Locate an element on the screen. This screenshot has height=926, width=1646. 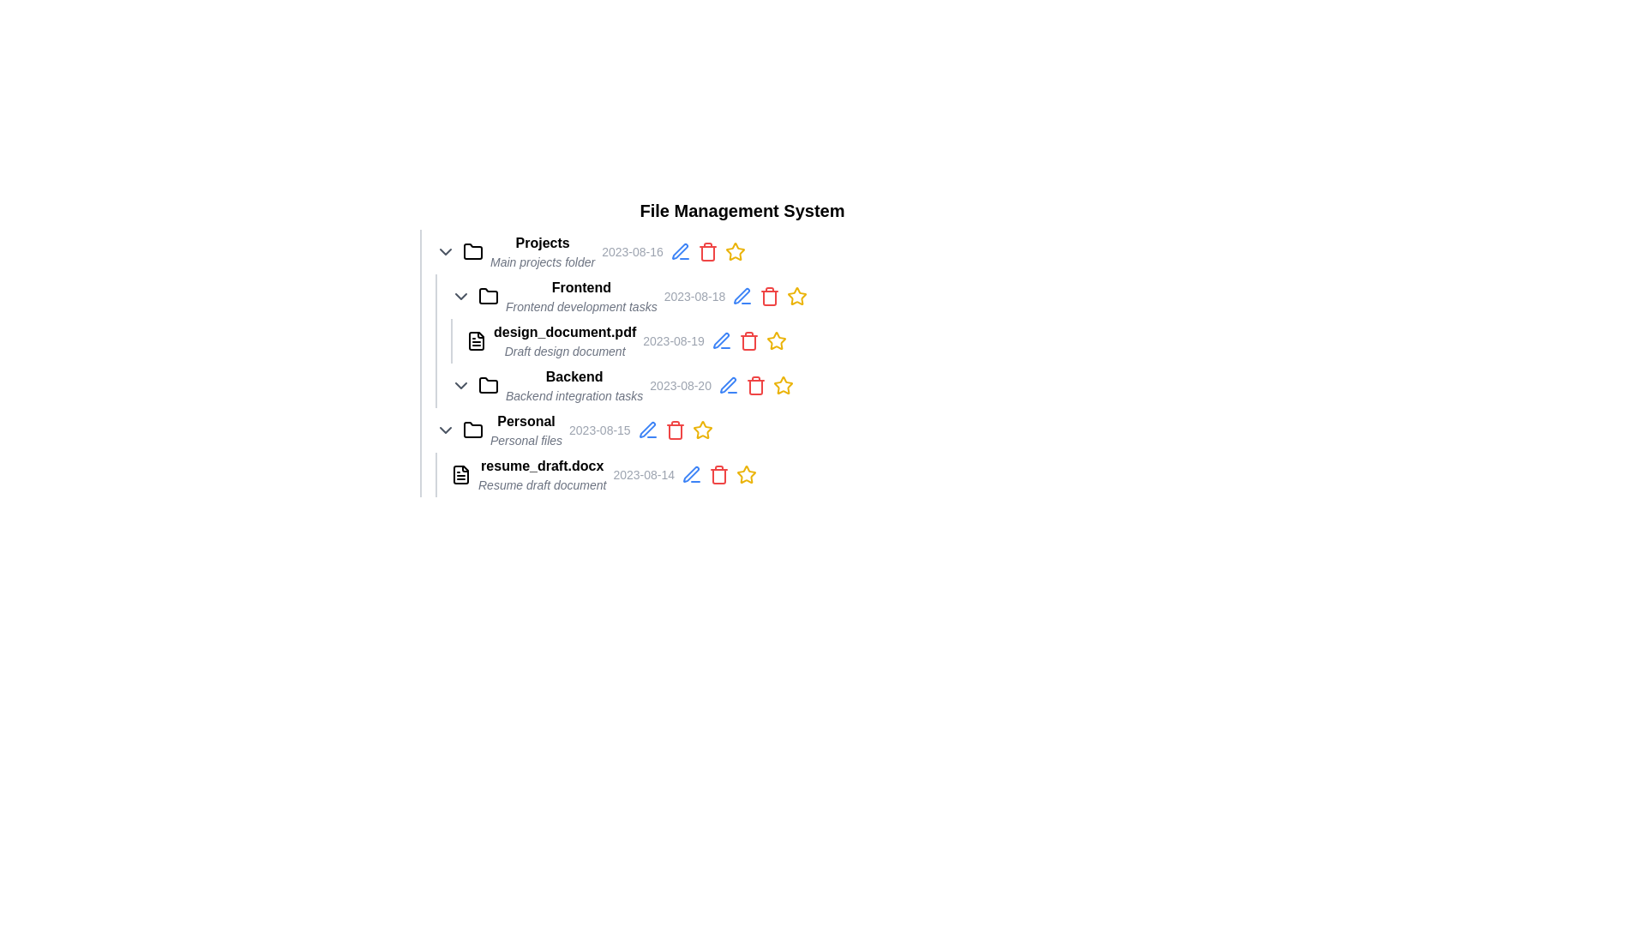
the visibility toggle button for the 'Personal' directory is located at coordinates (445, 429).